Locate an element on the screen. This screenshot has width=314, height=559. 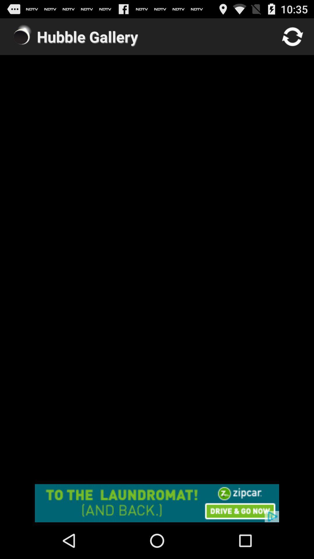
refresh page is located at coordinates (292, 36).